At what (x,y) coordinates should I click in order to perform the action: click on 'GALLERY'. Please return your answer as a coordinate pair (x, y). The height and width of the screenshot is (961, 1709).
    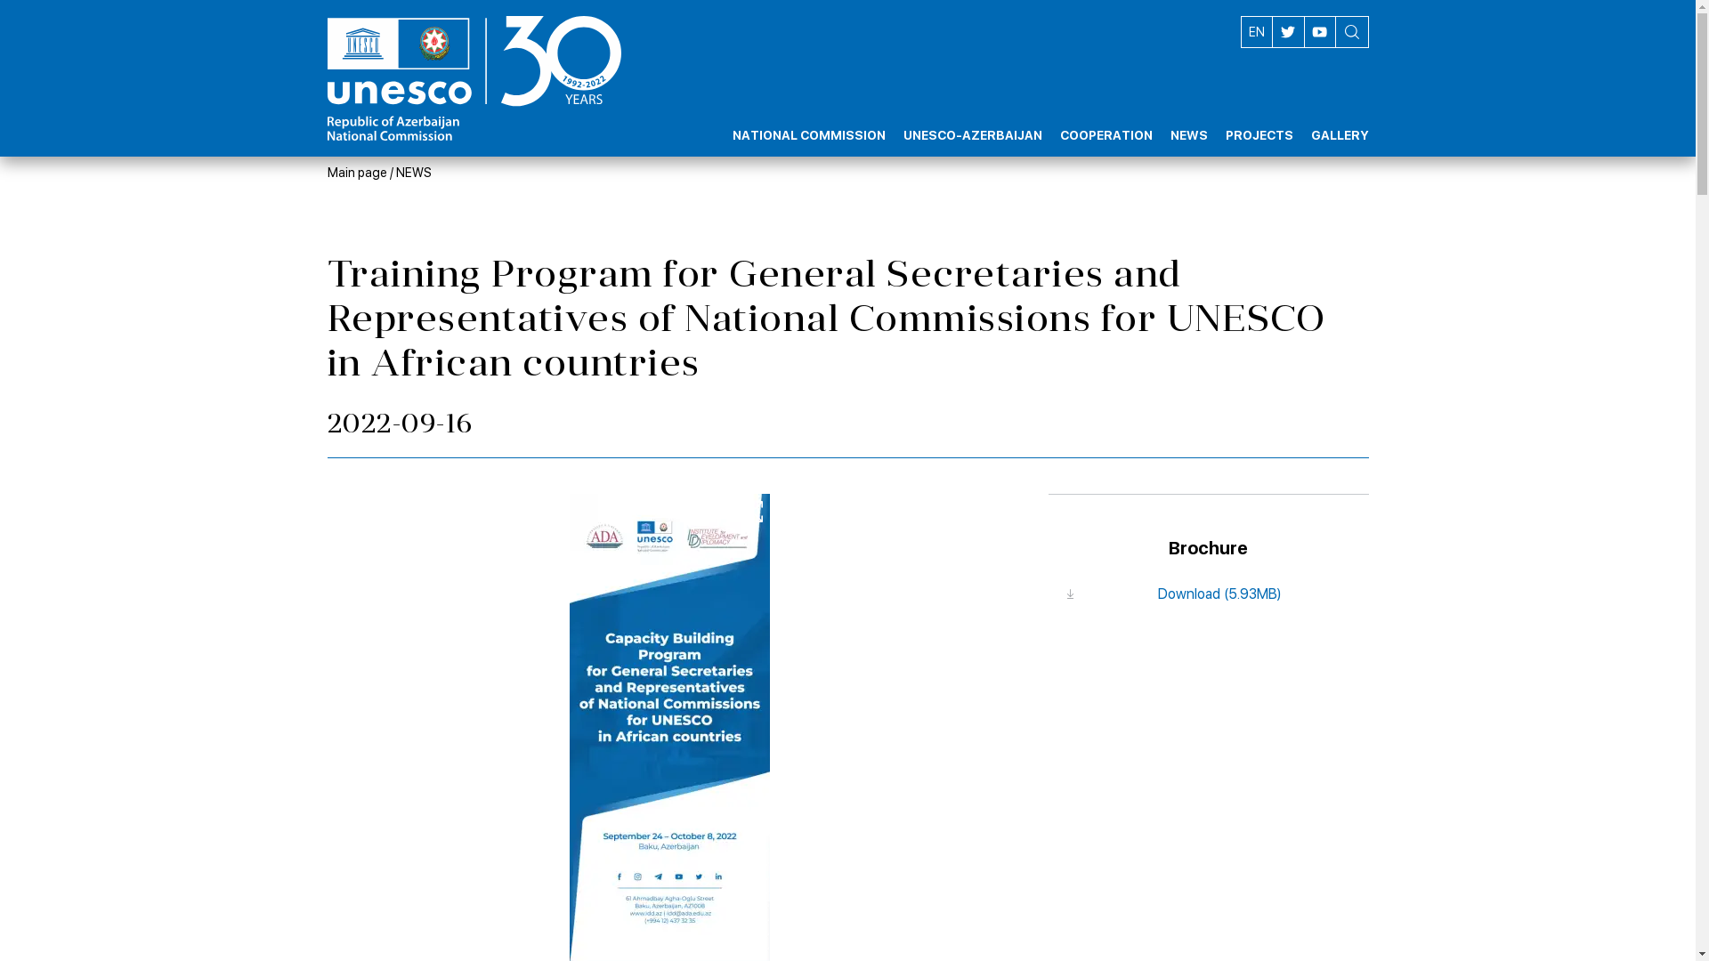
    Looking at the image, I should click on (1339, 120).